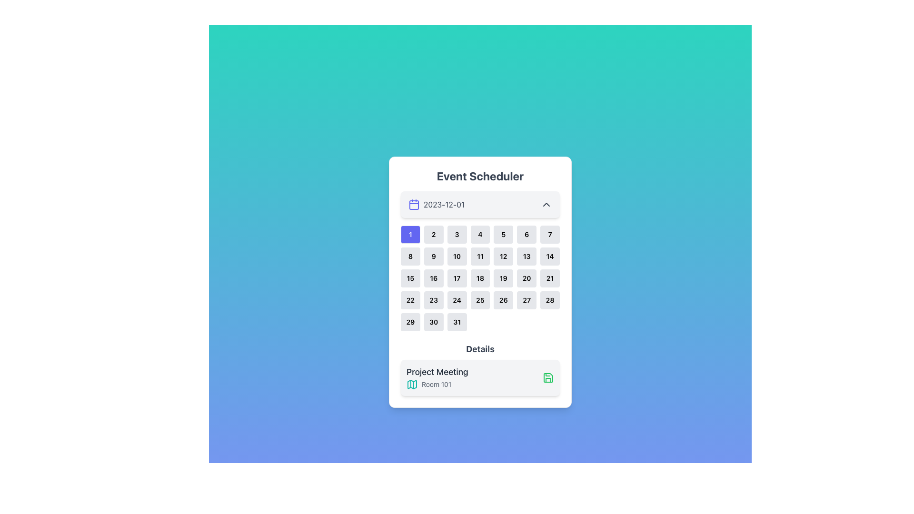  I want to click on the small rectangular button with the number '31' in bold black text, located in the bottom row, seventh column of the grid in the calendar component, so click(457, 322).